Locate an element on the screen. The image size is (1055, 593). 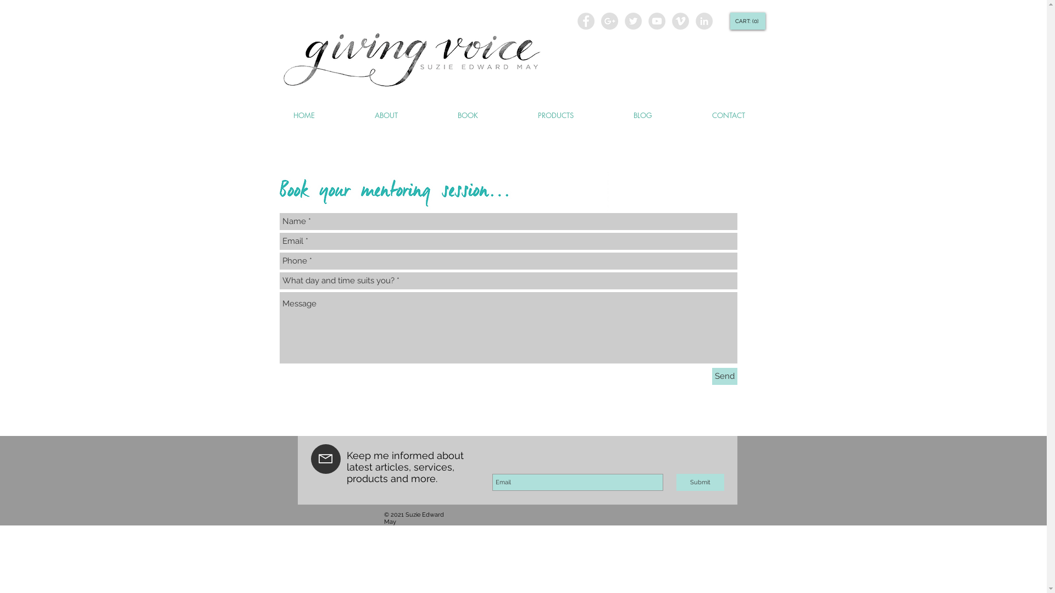
'HOME' is located at coordinates (303, 115).